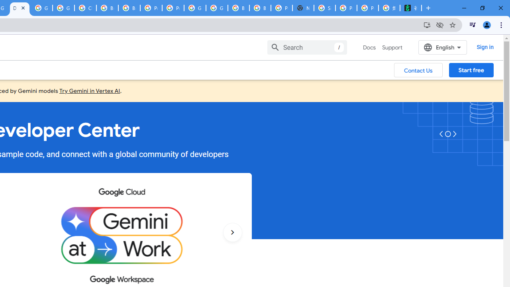 The width and height of the screenshot is (510, 287). I want to click on 'Sign in - Google Accounts', so click(325, 8).